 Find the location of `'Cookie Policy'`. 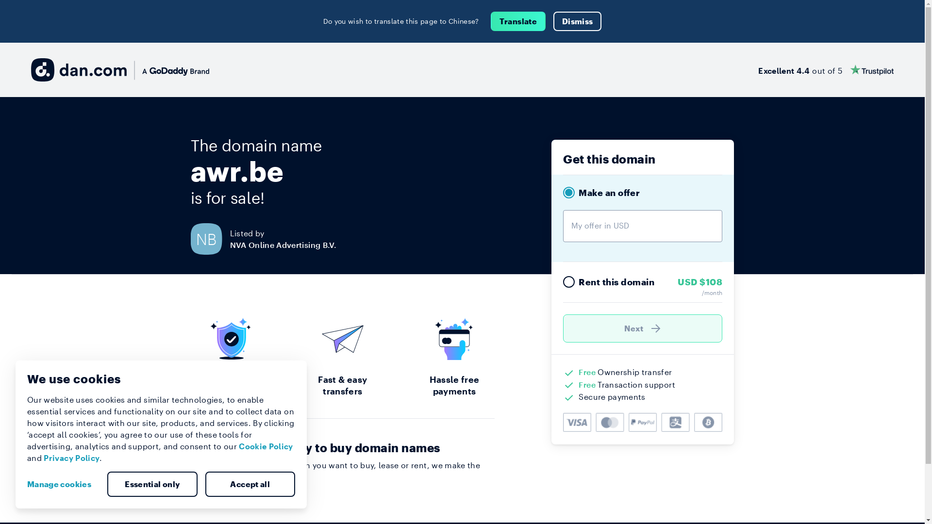

'Cookie Policy' is located at coordinates (238, 446).